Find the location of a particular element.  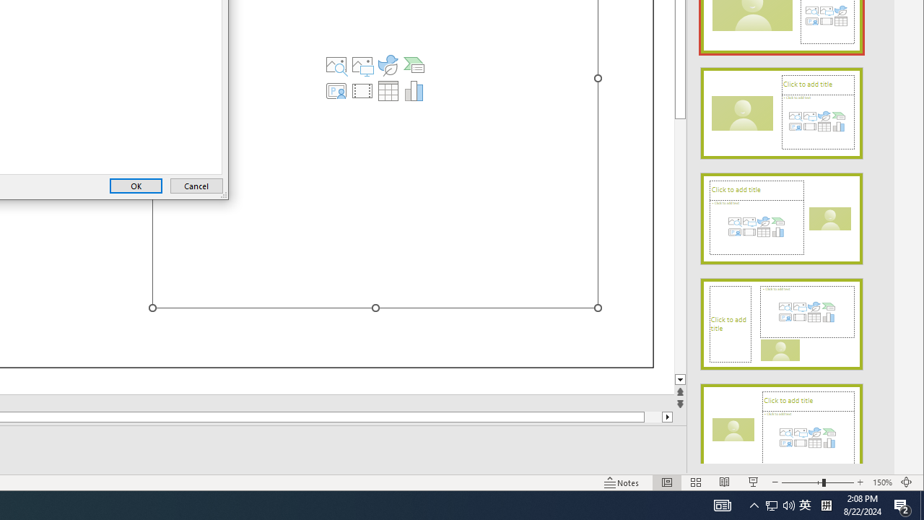

'Insert Cameo' is located at coordinates (336, 90).